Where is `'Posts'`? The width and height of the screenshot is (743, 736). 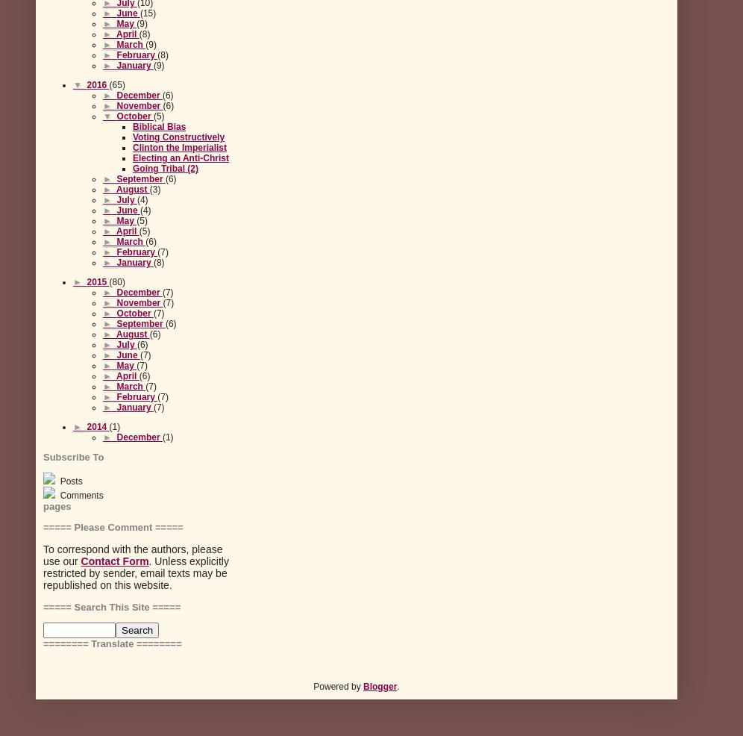 'Posts' is located at coordinates (69, 481).